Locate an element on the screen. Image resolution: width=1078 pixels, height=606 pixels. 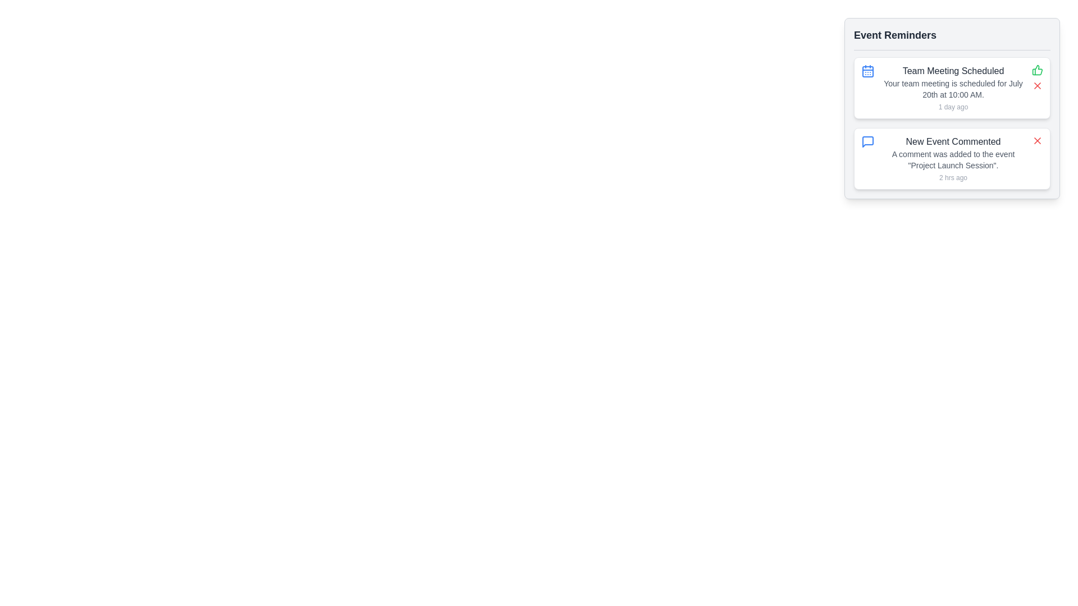
the static text display showing the timestamp for the team meeting notification located at the bottom of the 'Team Meeting Scheduled' card is located at coordinates (953, 107).